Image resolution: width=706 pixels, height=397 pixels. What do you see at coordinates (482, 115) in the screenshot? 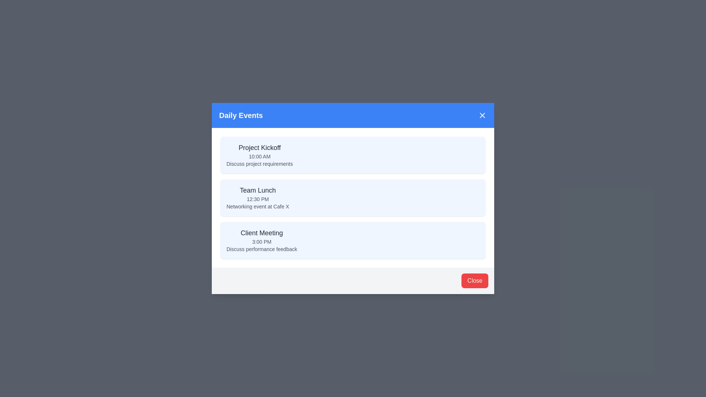
I see `the close button in the header of the EventManagerDialog` at bounding box center [482, 115].